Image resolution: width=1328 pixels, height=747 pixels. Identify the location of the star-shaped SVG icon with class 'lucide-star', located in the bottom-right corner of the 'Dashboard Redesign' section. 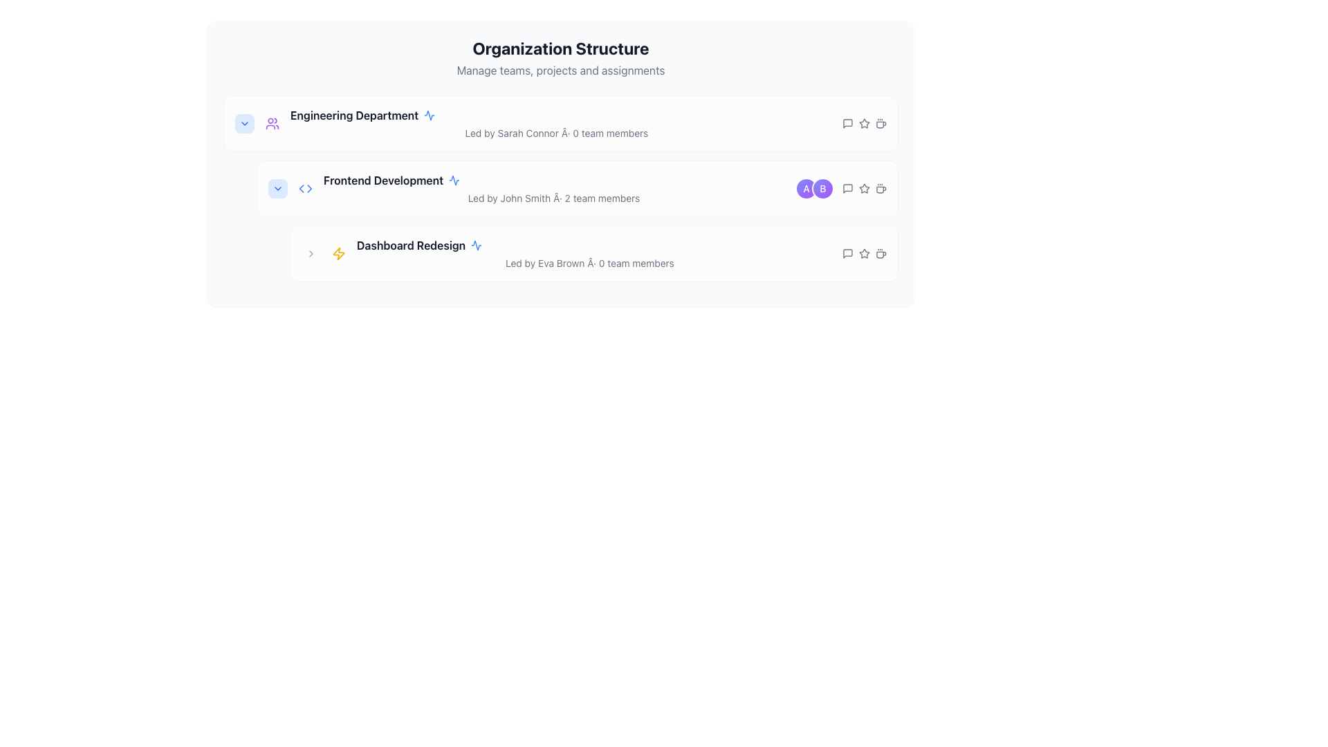
(863, 253).